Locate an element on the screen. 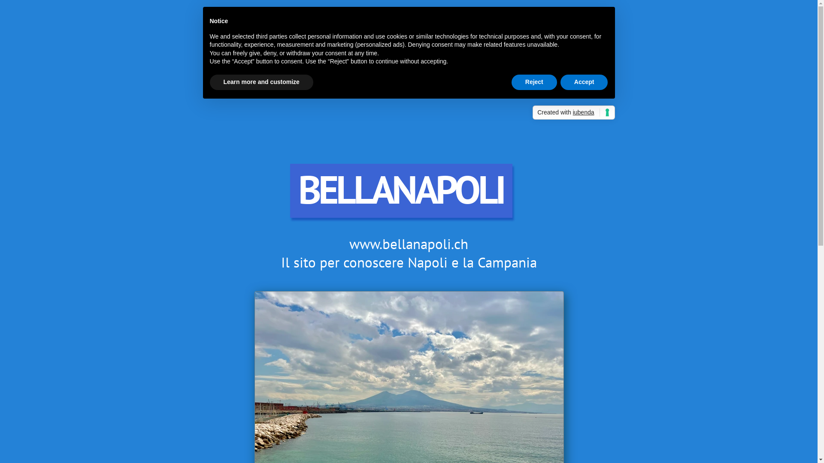  'Created with iubenda' is located at coordinates (573, 112).